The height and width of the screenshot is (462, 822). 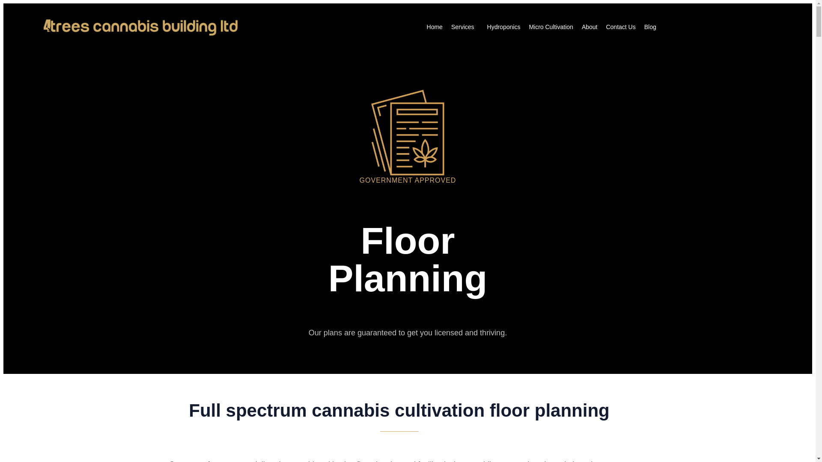 I want to click on 'Hydroponics', so click(x=503, y=26).